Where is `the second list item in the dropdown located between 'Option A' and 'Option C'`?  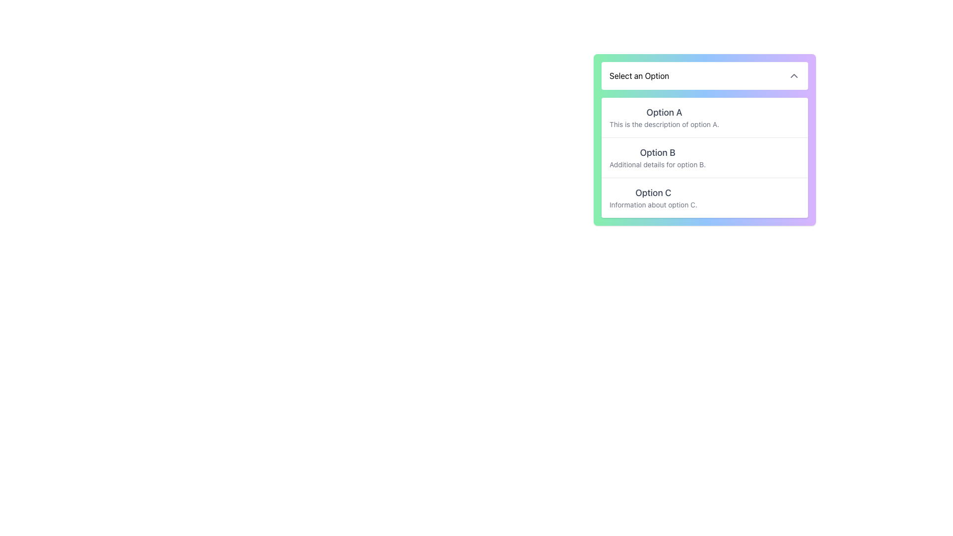 the second list item in the dropdown located between 'Option A' and 'Option C' is located at coordinates (704, 157).